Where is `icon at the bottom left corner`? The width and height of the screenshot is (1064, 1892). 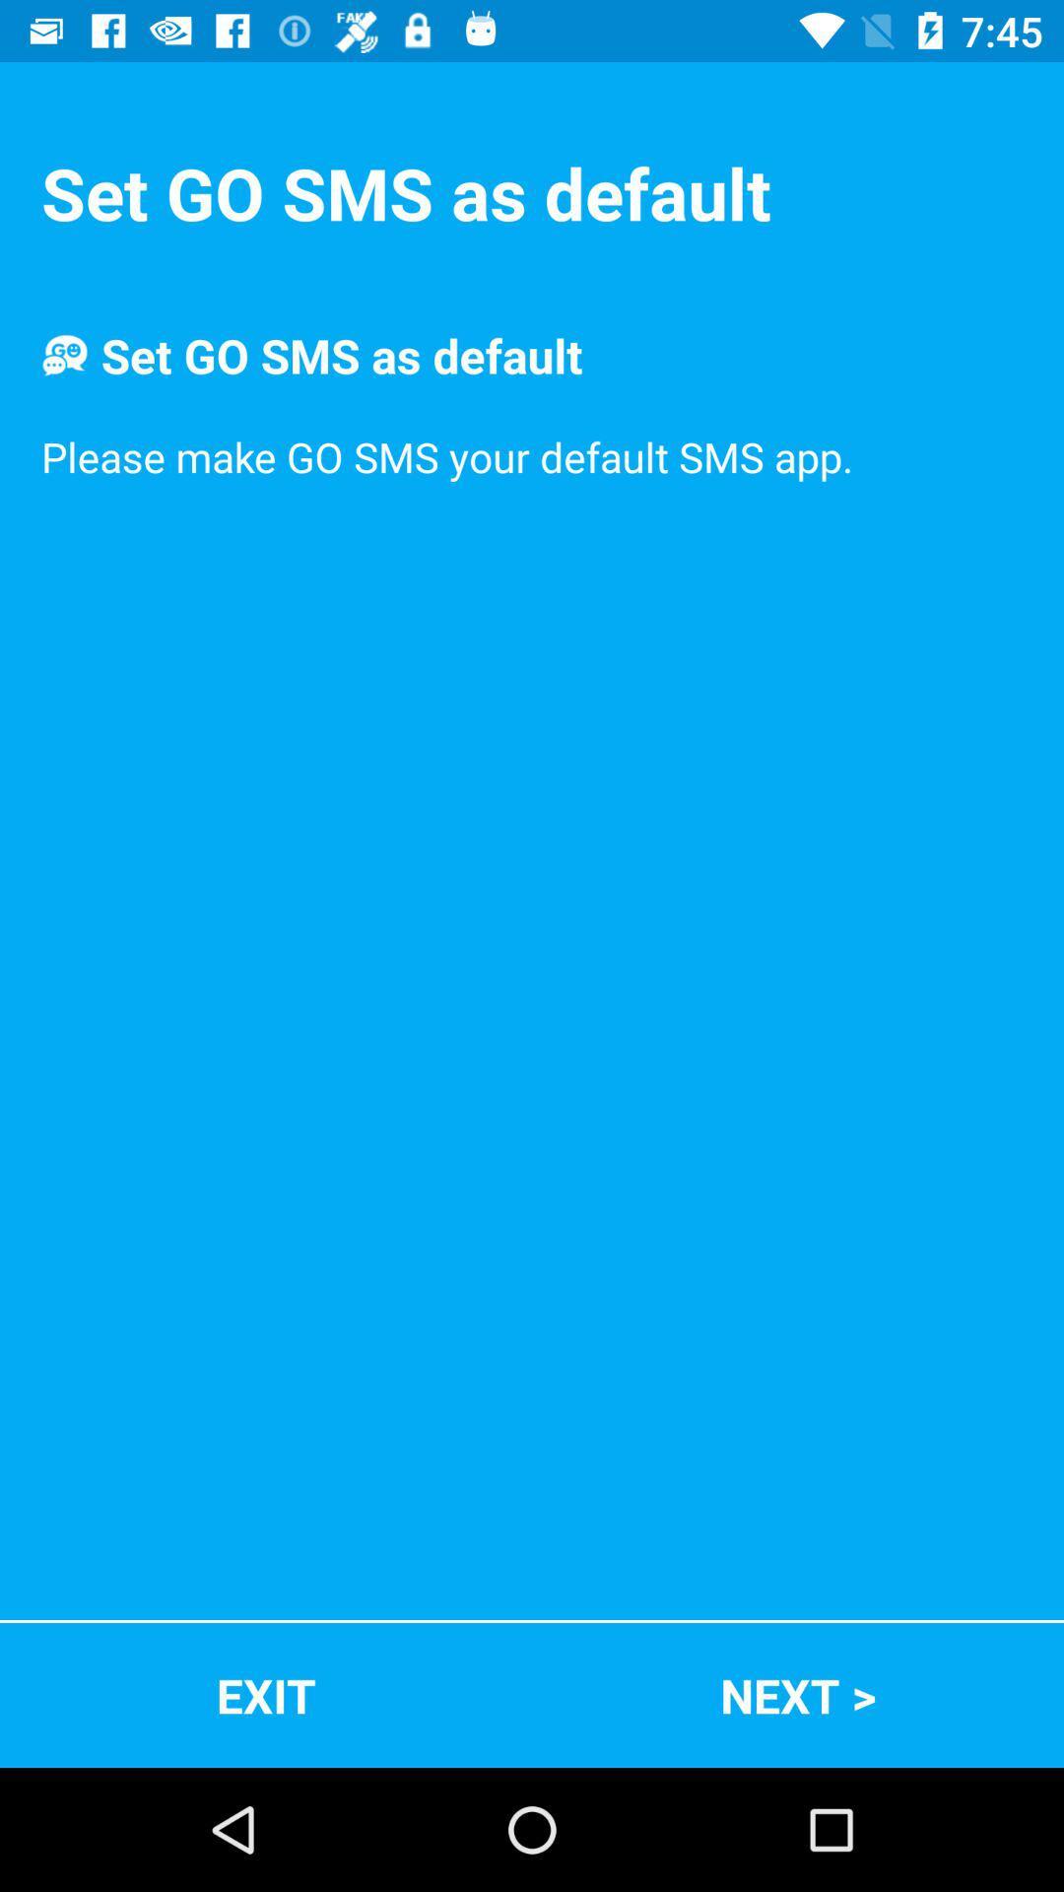
icon at the bottom left corner is located at coordinates (266, 1694).